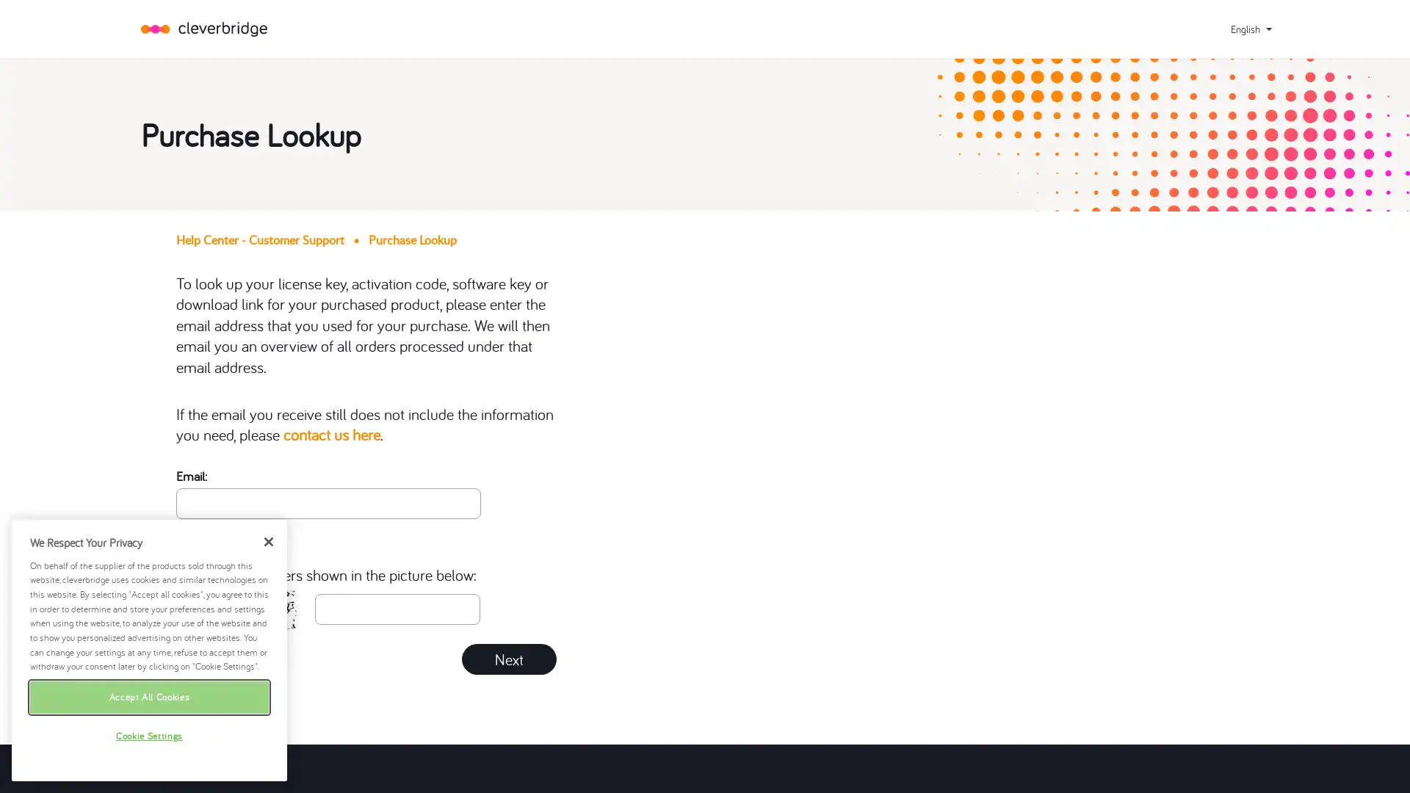 This screenshot has width=1410, height=793. What do you see at coordinates (508, 659) in the screenshot?
I see `Next` at bounding box center [508, 659].